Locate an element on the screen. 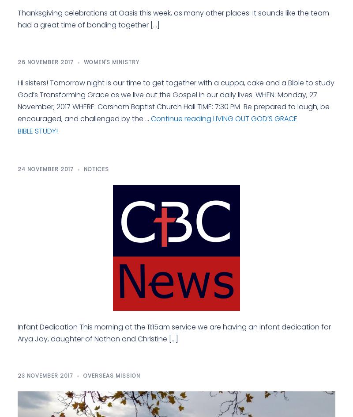  'Telephone:' is located at coordinates (239, 244).